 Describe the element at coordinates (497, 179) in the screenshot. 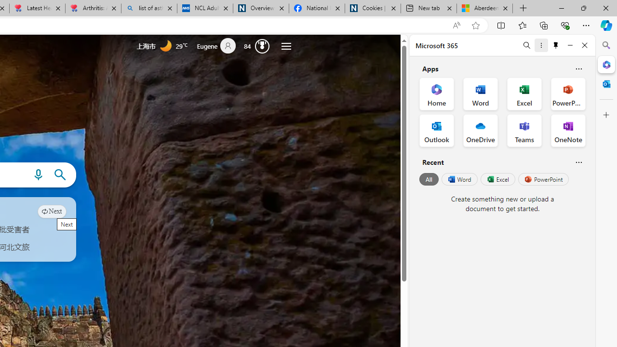

I see `'Excel'` at that location.